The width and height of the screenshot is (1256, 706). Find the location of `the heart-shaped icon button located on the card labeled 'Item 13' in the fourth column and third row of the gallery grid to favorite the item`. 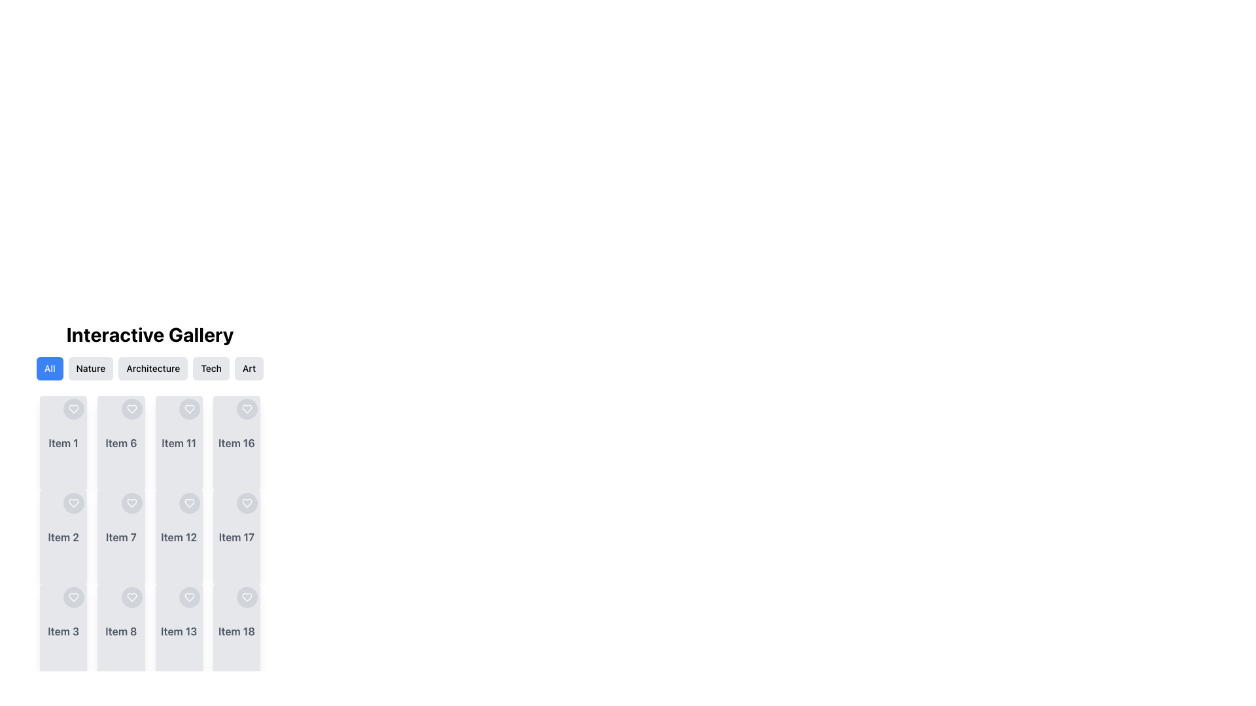

the heart-shaped icon button located on the card labeled 'Item 13' in the fourth column and third row of the gallery grid to favorite the item is located at coordinates (188, 597).